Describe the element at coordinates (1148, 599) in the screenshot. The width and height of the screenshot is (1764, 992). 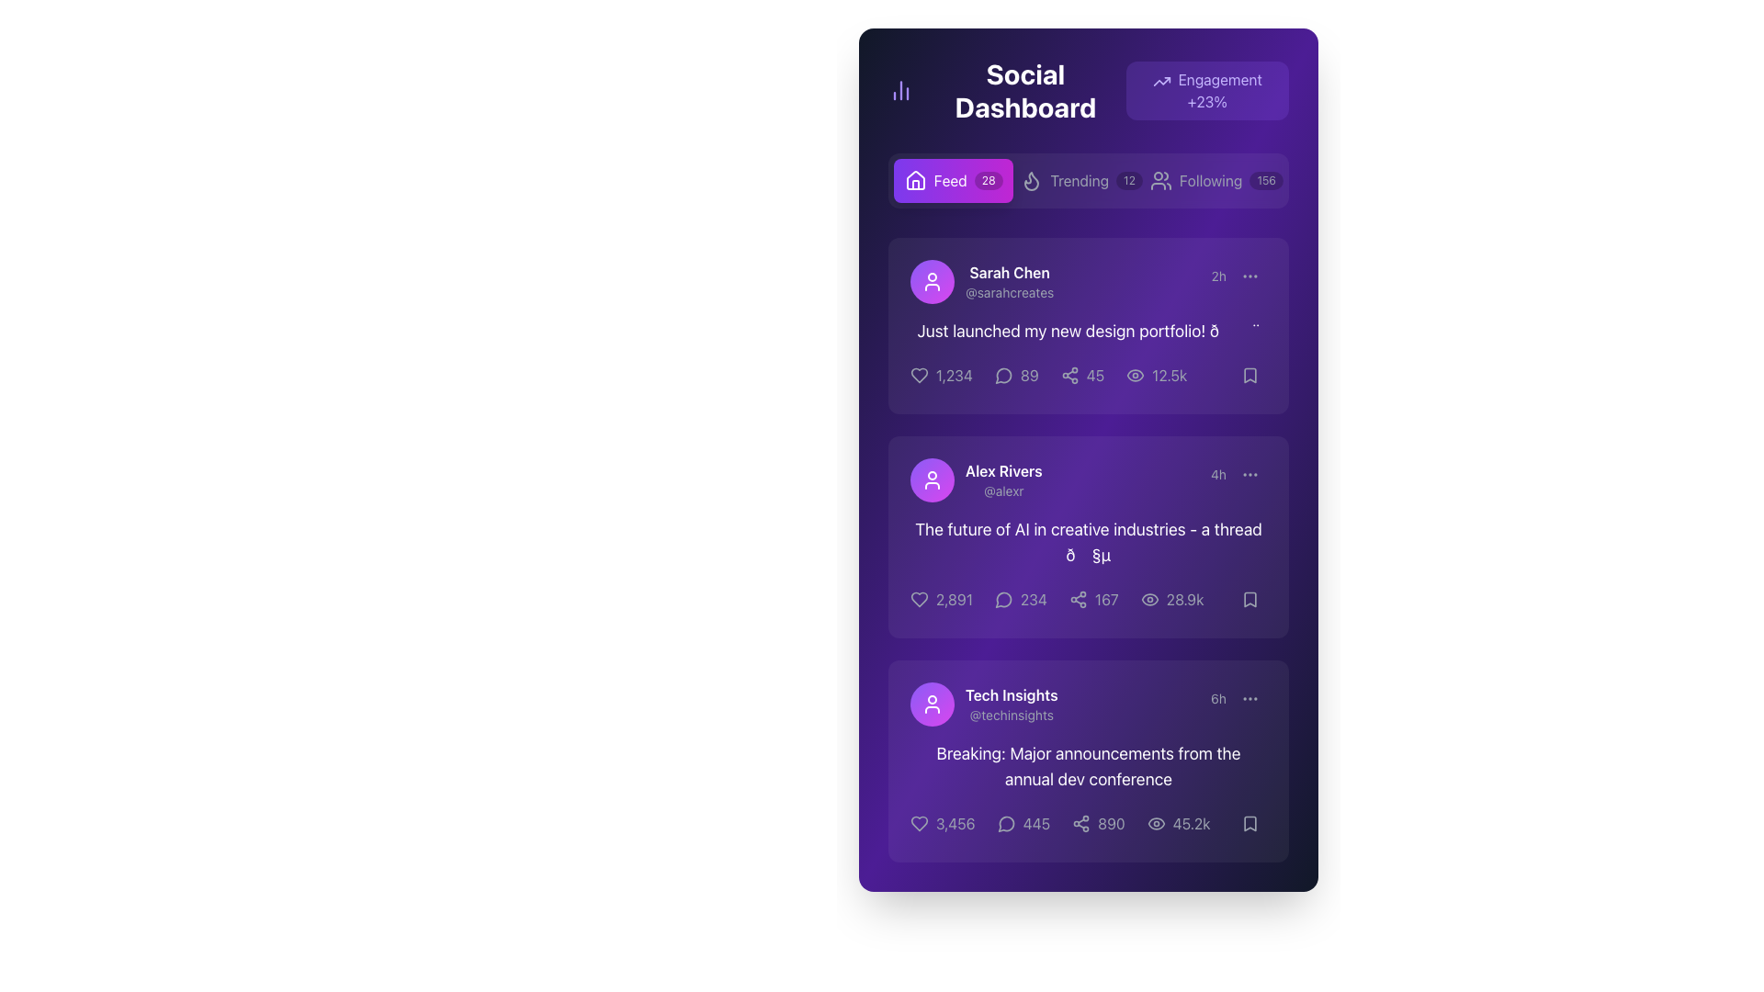
I see `the eye-shaped icon located next to the text '28.9k' in the footer of a post by 'Alex Rivers'` at that location.